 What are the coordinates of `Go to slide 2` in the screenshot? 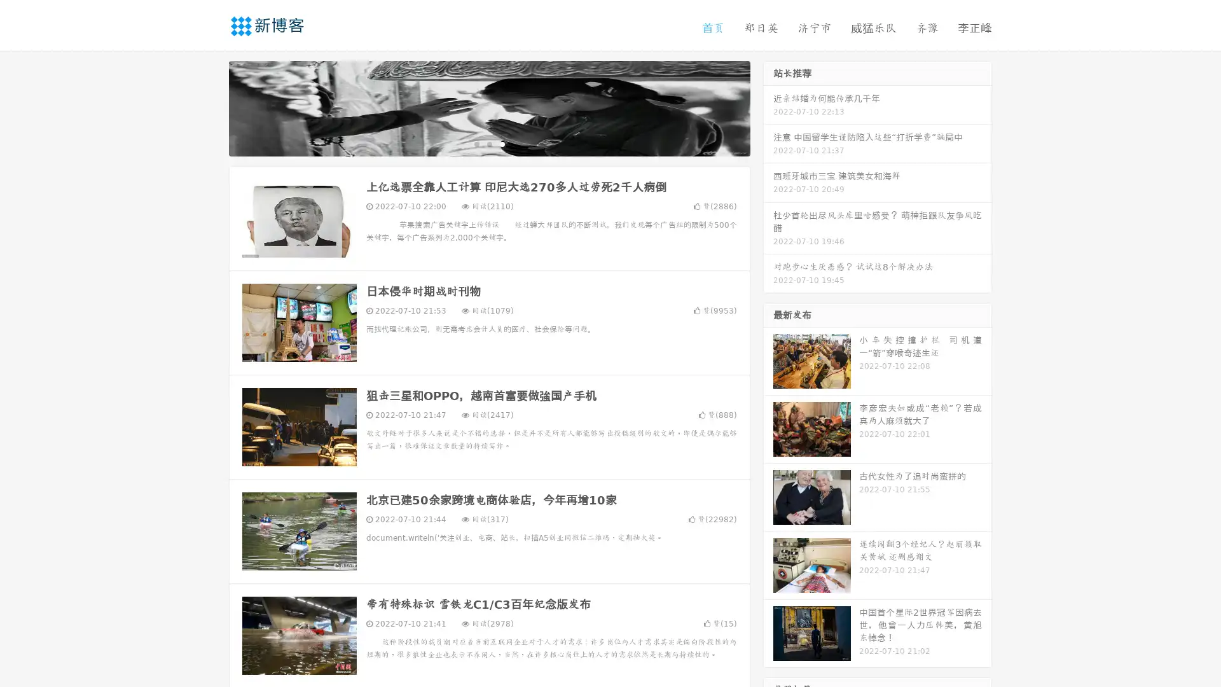 It's located at (488, 143).